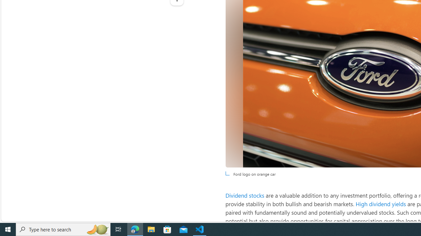 The width and height of the screenshot is (421, 236). Describe the element at coordinates (381, 204) in the screenshot. I see `'High dividend yields'` at that location.